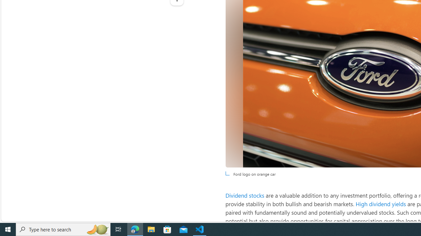 The width and height of the screenshot is (421, 236). Describe the element at coordinates (381, 204) in the screenshot. I see `'High dividend yields'` at that location.